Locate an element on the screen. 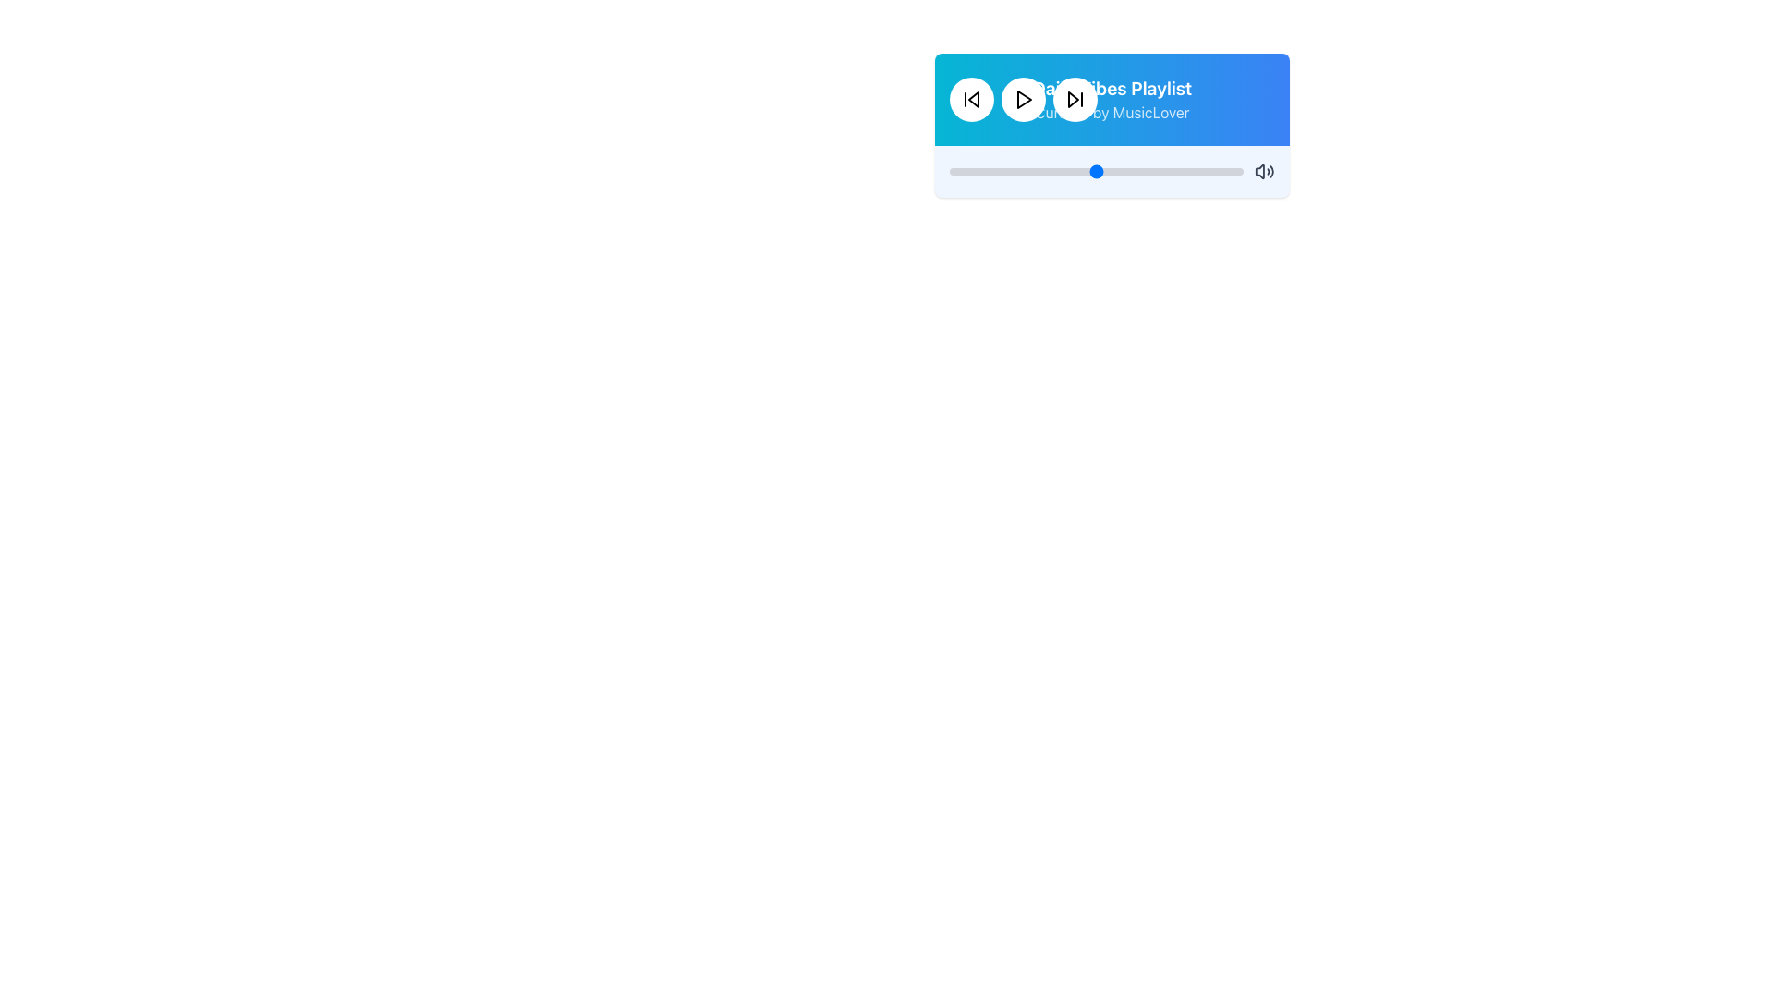  the speaker icon in the bottom right section of the audio control bar to interact or trigger a related function is located at coordinates (1258, 171).